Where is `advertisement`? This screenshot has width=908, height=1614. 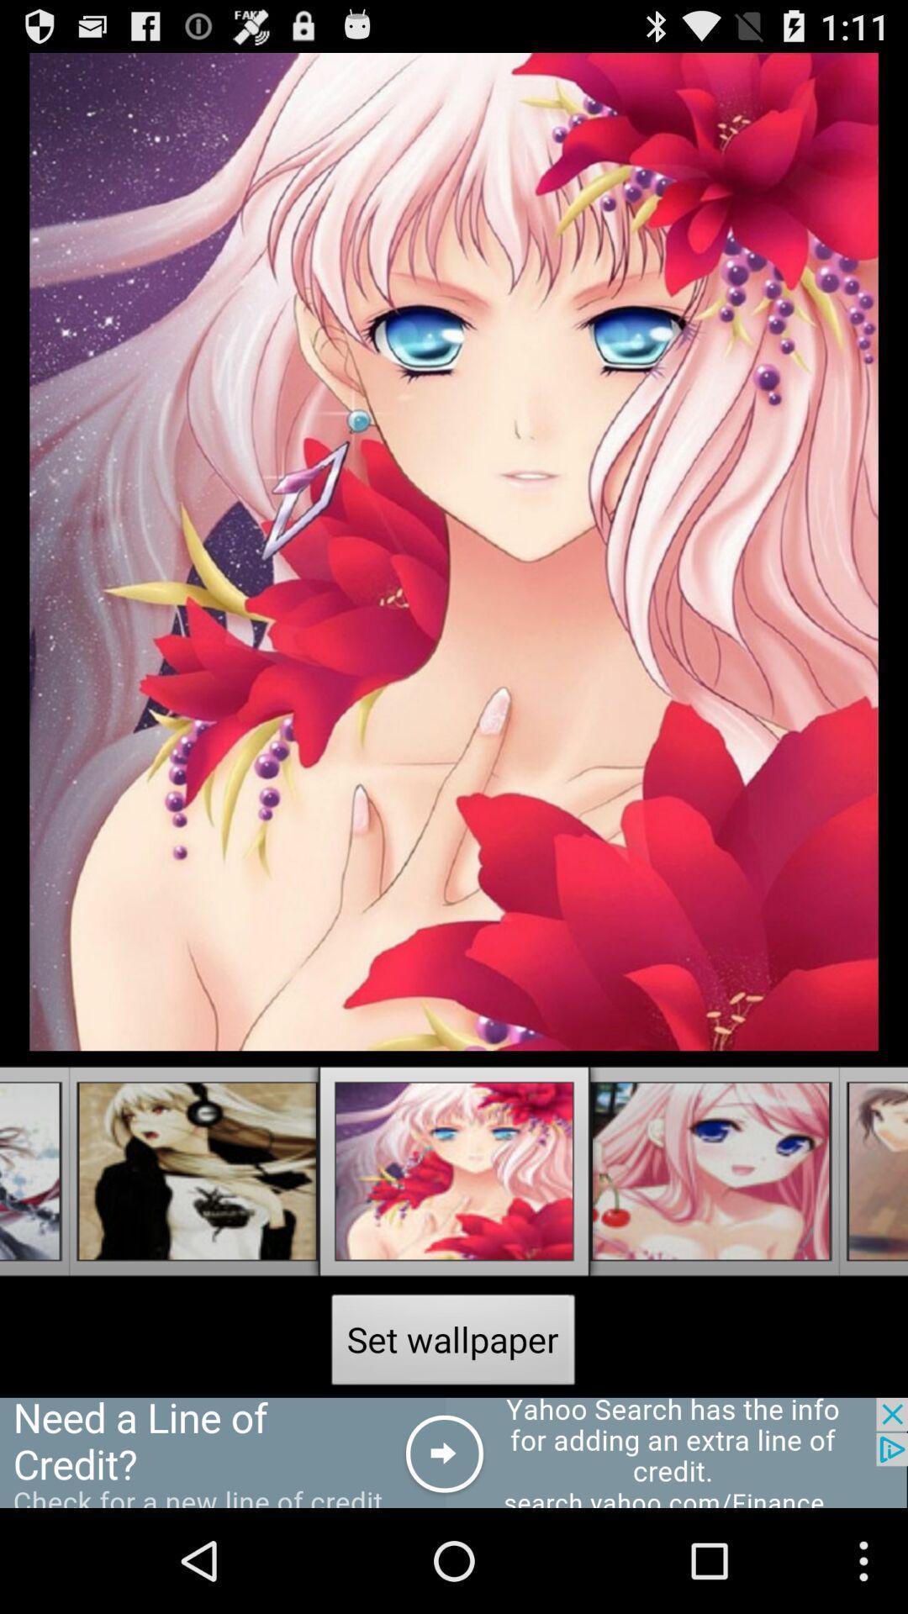
advertisement is located at coordinates (454, 1452).